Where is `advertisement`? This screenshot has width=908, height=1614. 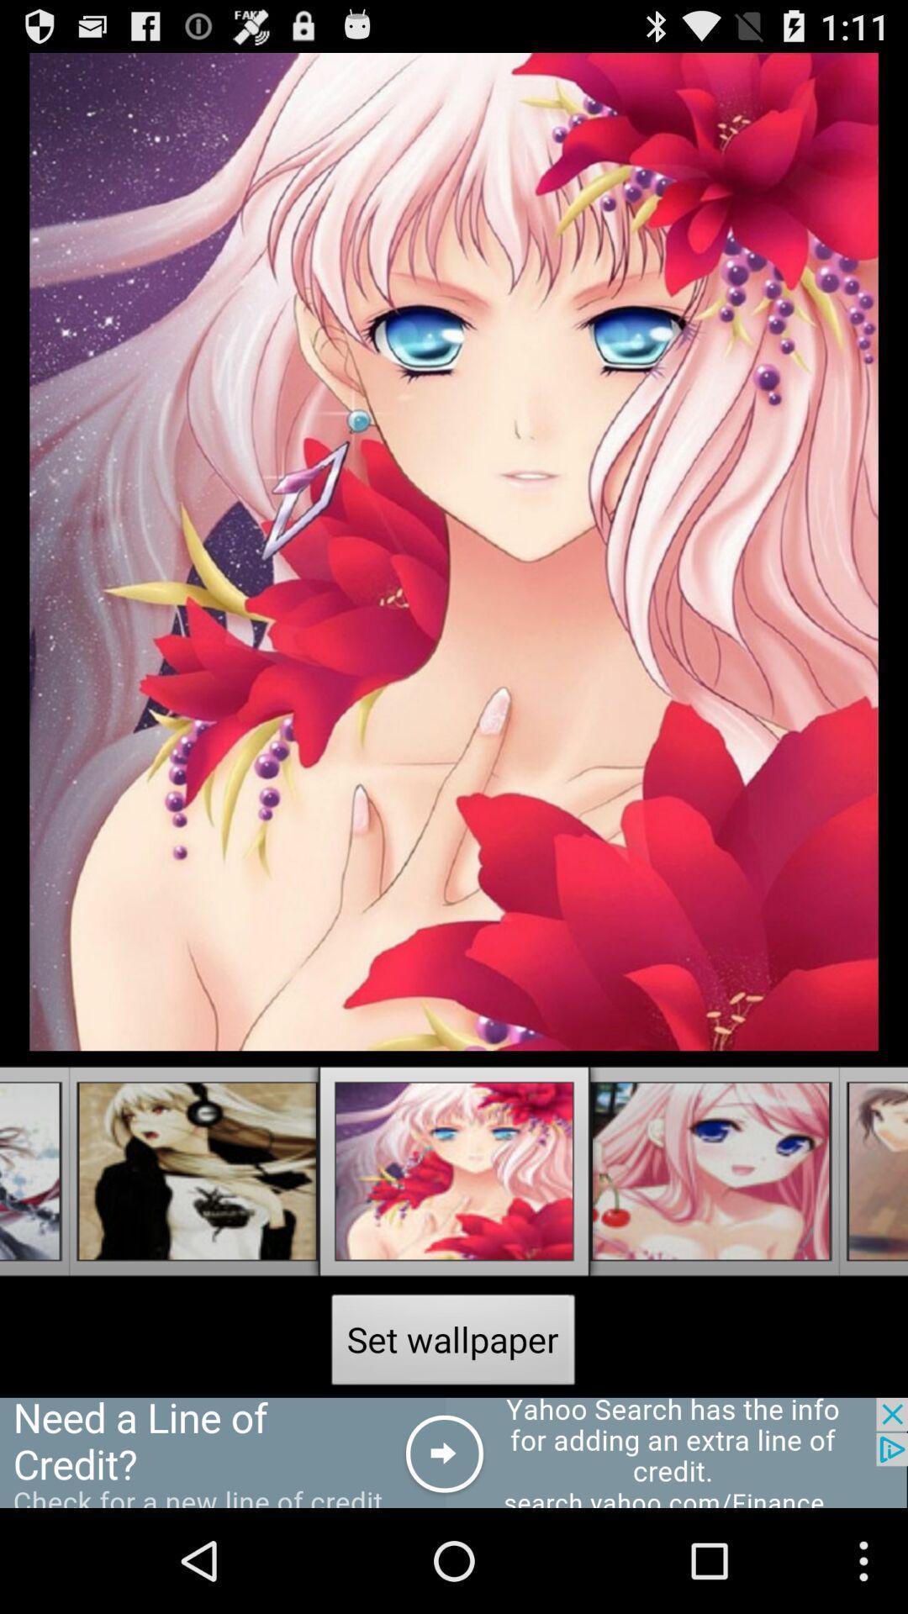
advertisement is located at coordinates (454, 1452).